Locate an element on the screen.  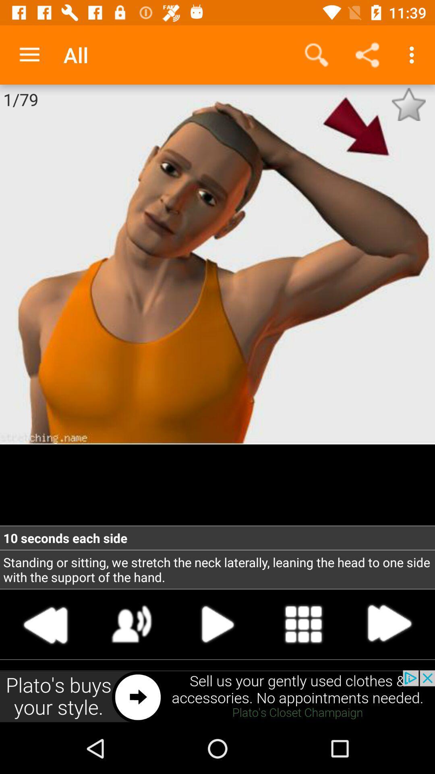
make favorite is located at coordinates (408, 104).